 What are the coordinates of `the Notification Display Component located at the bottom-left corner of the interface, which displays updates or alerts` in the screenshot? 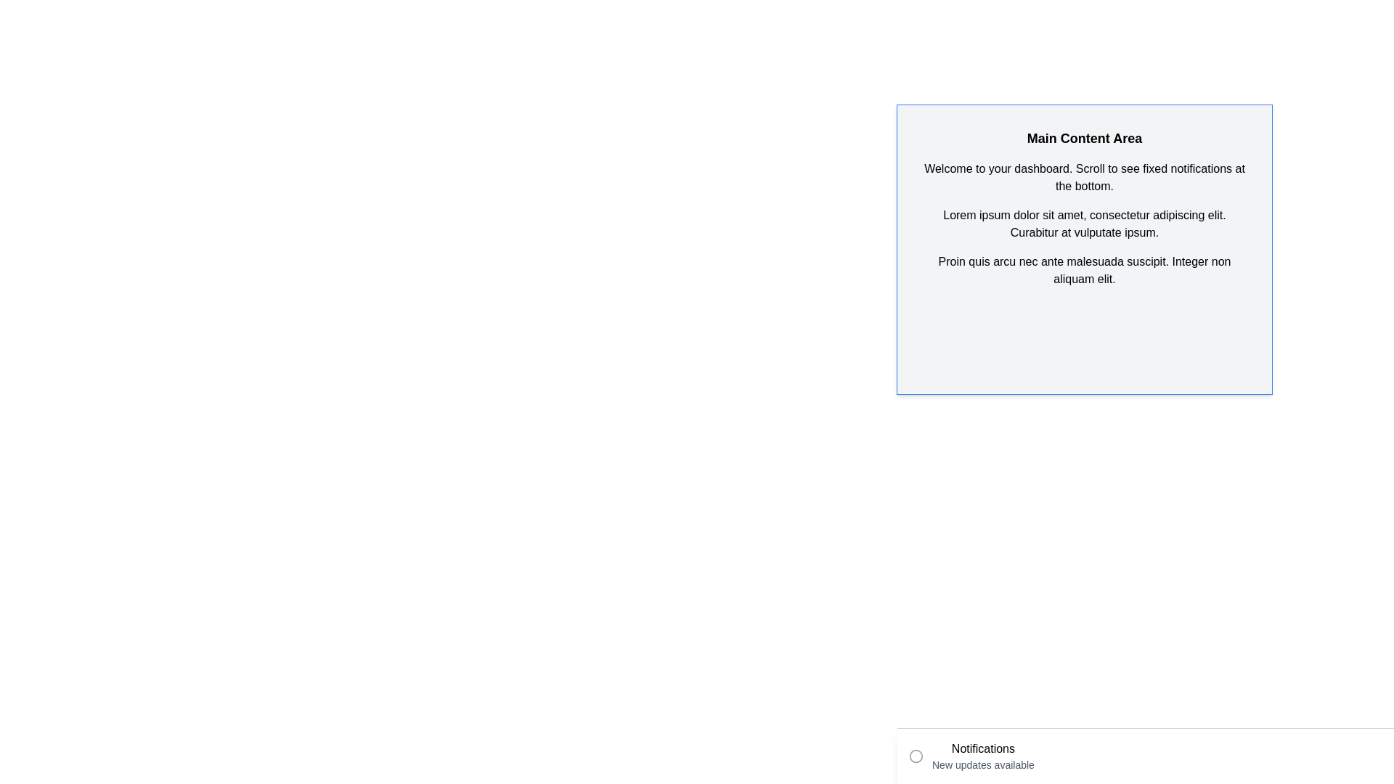 It's located at (971, 755).